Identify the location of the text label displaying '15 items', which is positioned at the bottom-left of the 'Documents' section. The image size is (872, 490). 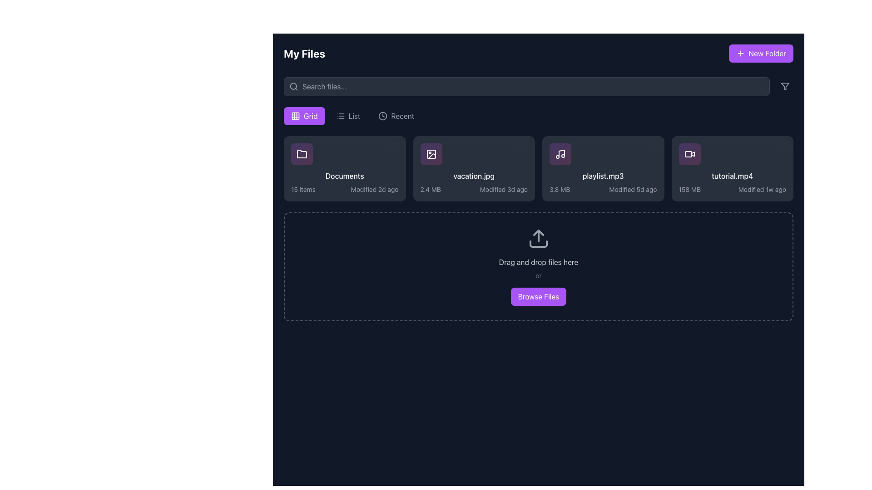
(303, 189).